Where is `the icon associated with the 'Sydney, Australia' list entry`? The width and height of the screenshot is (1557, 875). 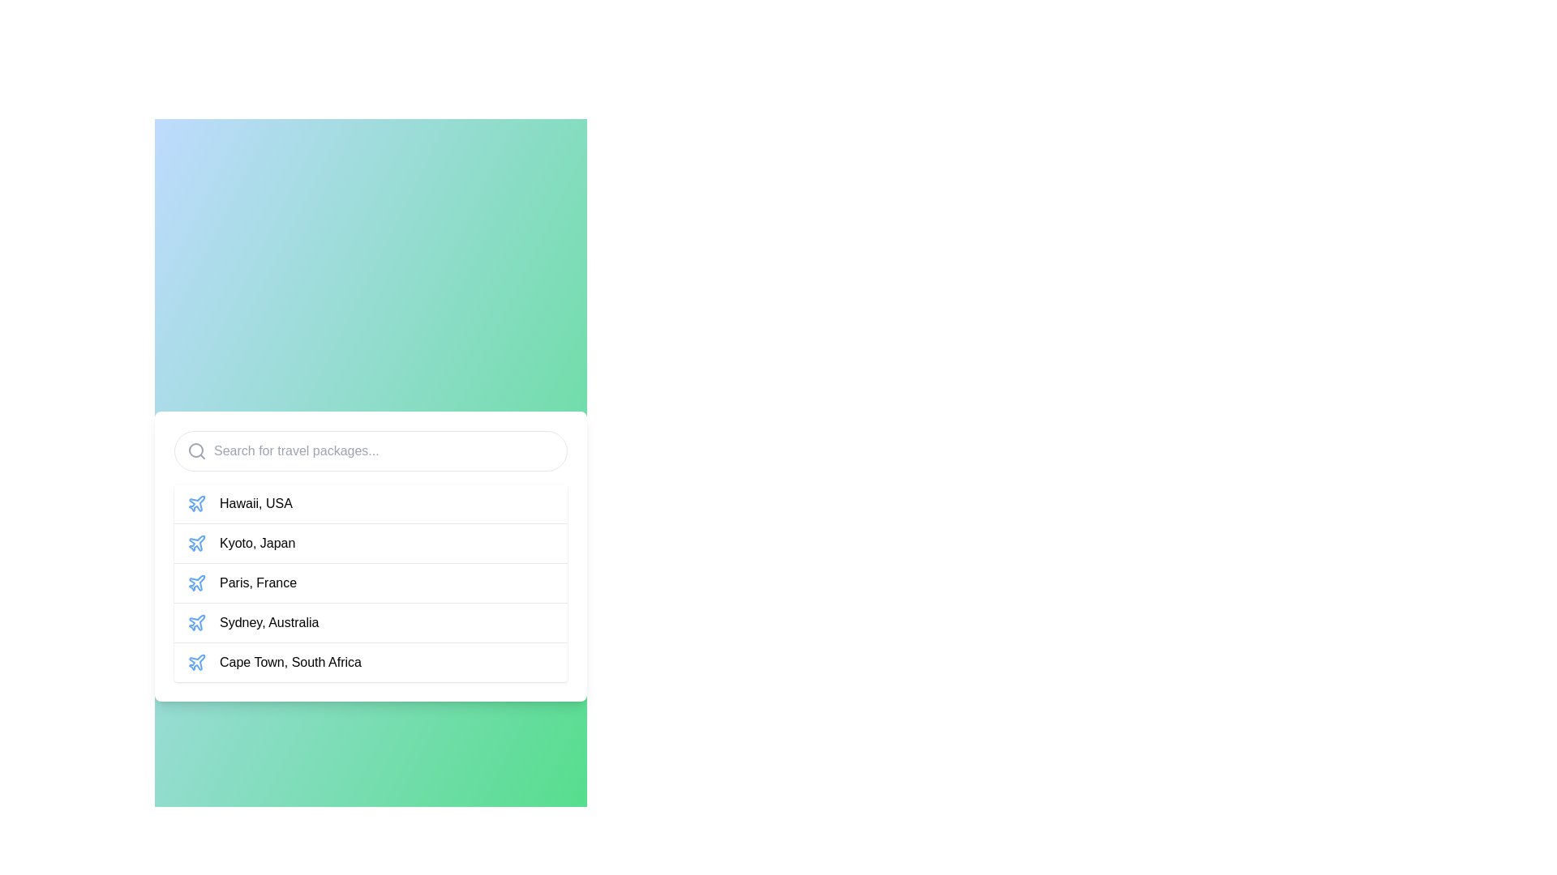
the icon associated with the 'Sydney, Australia' list entry is located at coordinates (196, 621).